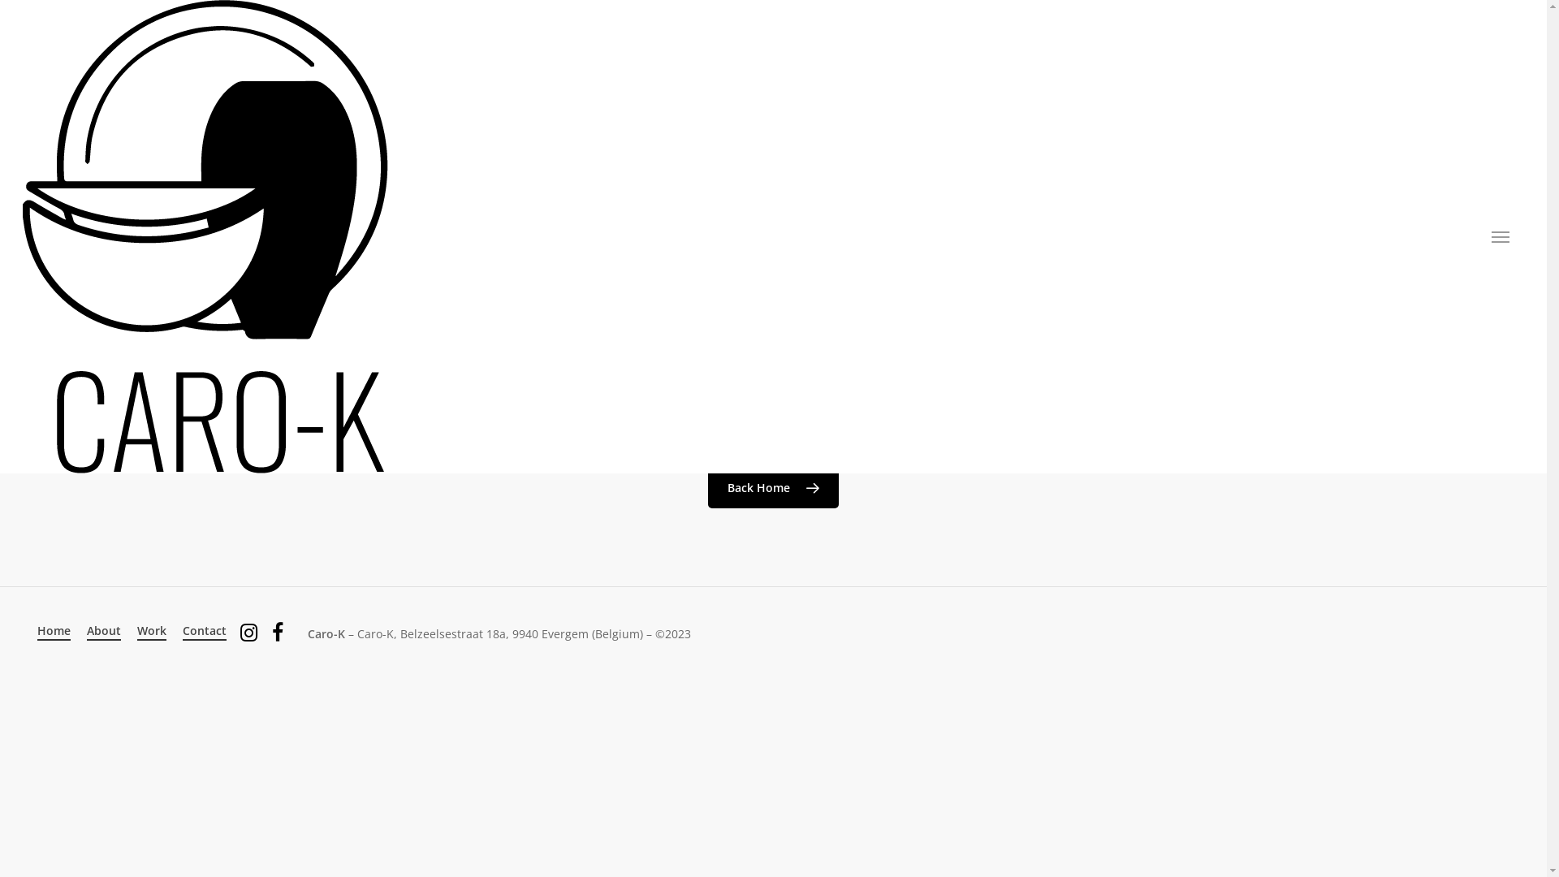 The width and height of the screenshot is (1559, 877). What do you see at coordinates (1500, 237) in the screenshot?
I see `'Menu'` at bounding box center [1500, 237].